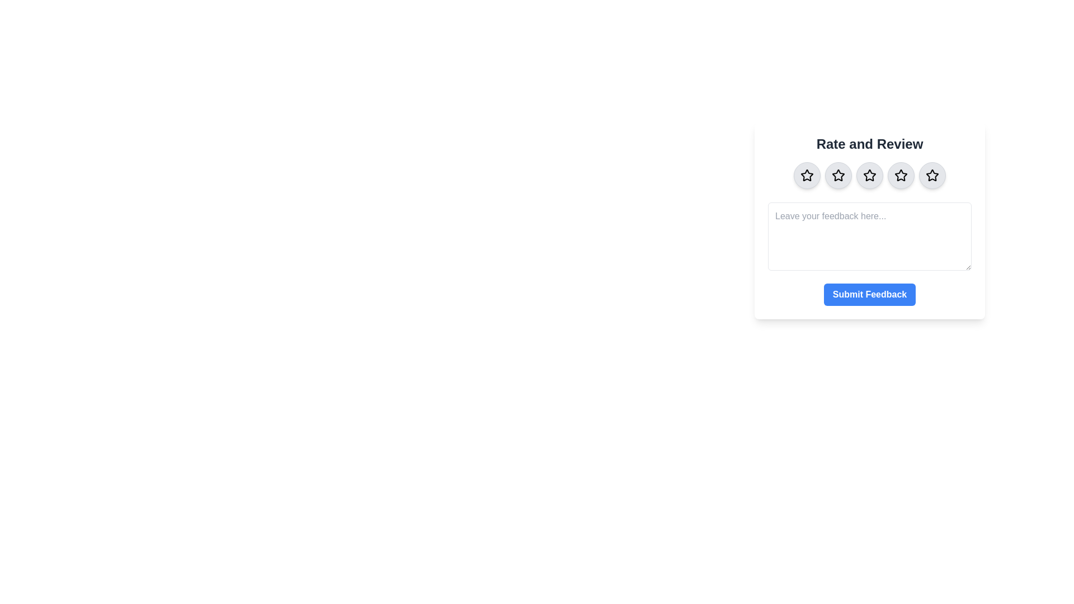 This screenshot has height=604, width=1074. Describe the element at coordinates (807, 175) in the screenshot. I see `the first star` at that location.